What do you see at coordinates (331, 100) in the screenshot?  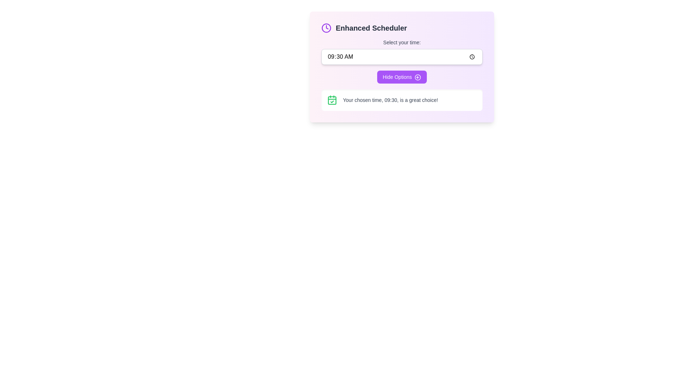 I see `the icon that indicates the validity of the selected time, positioned to the far left of the notification area containing the text 'Your chosen time, 09:30, is a great choice!'` at bounding box center [331, 100].